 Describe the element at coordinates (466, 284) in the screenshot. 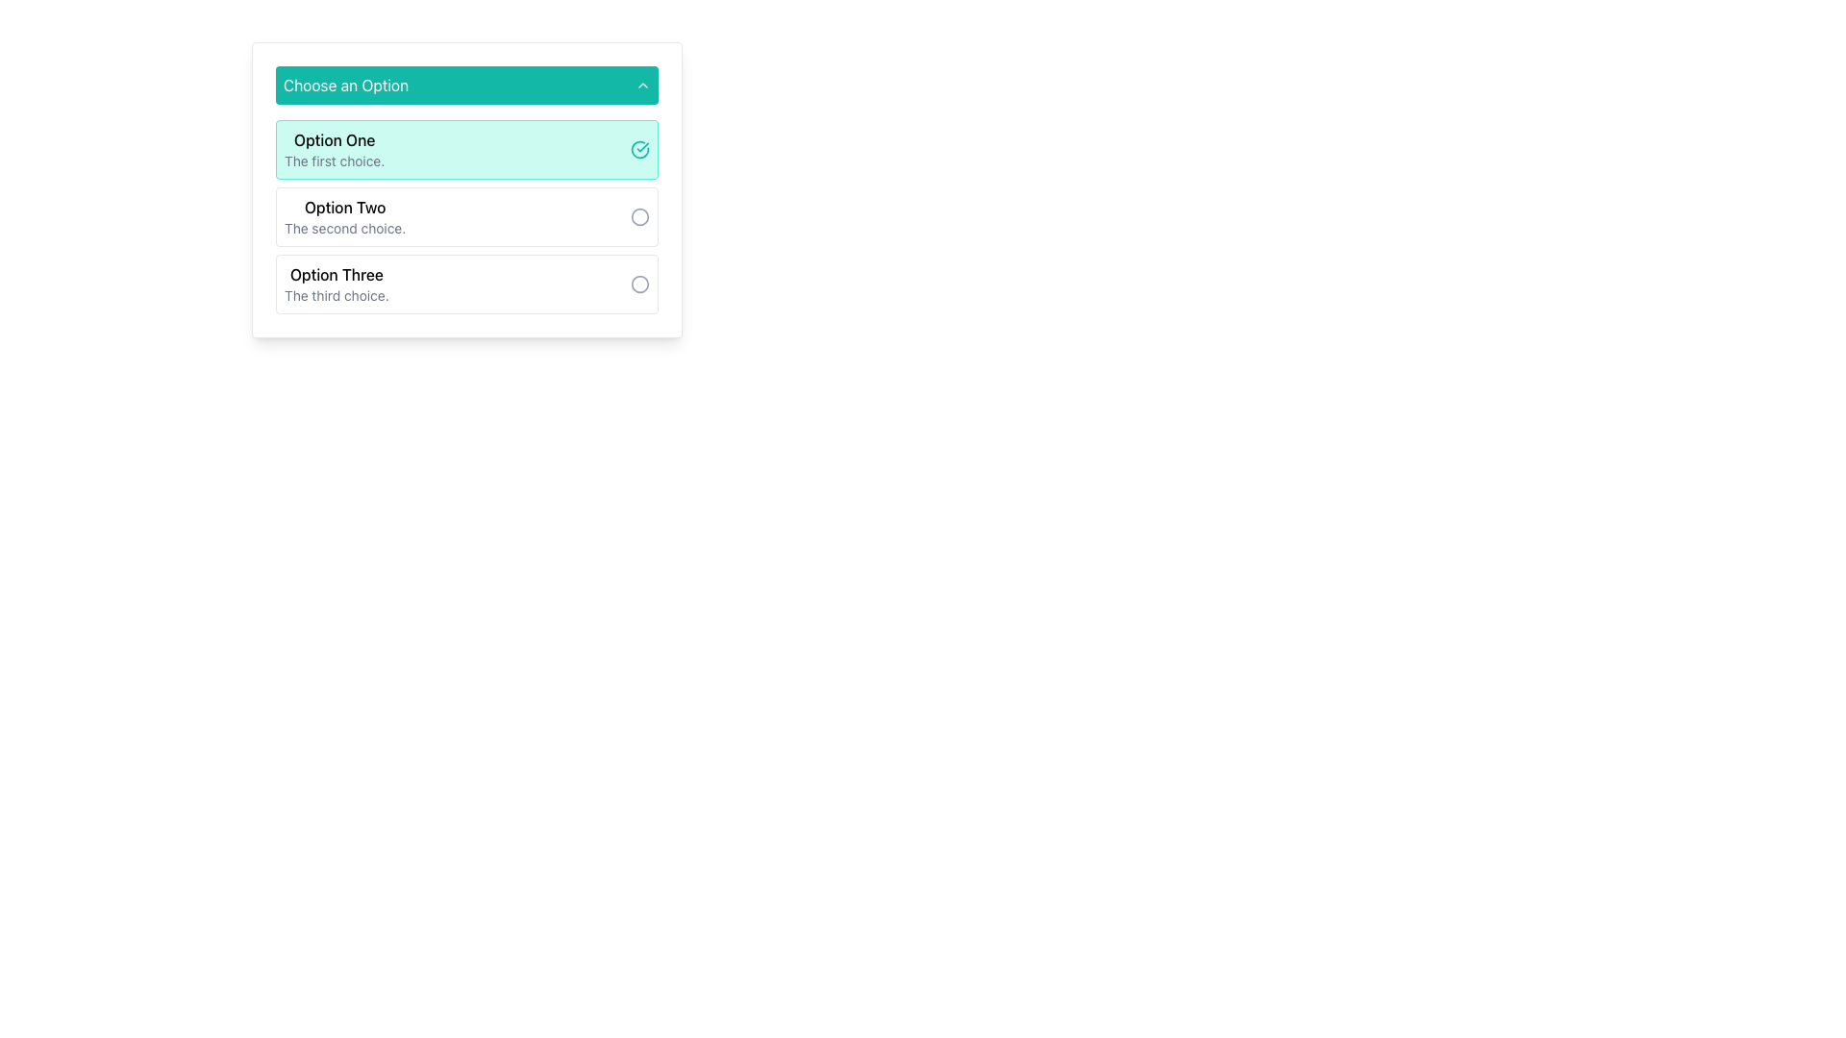

I see `the third selectable radio option within the 'Choose an Option' group` at that location.